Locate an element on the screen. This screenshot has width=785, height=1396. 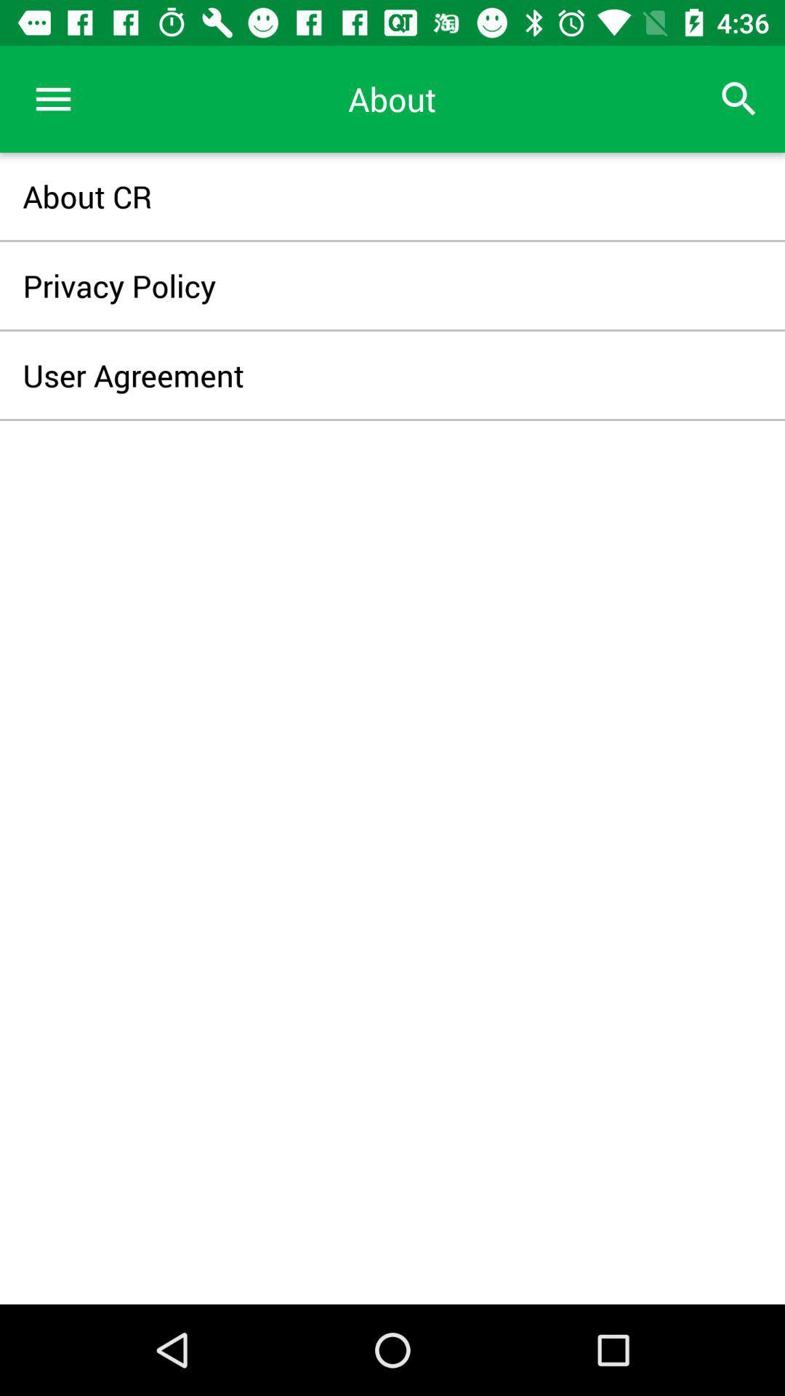
icon to the left of the about icon is located at coordinates (52, 98).